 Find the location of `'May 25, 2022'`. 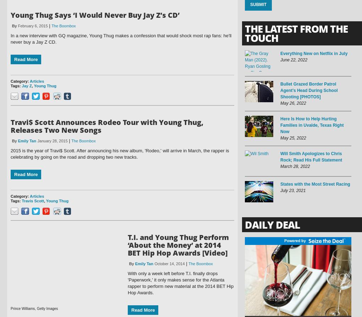

'May 25, 2022' is located at coordinates (293, 138).